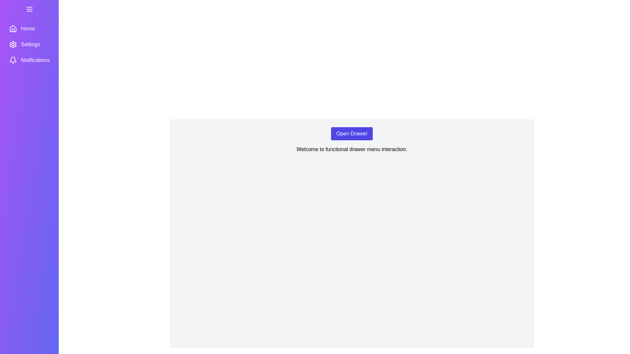 Image resolution: width=630 pixels, height=354 pixels. What do you see at coordinates (29, 9) in the screenshot?
I see `menu icon button at the top-left corner to toggle the drawer's visibility` at bounding box center [29, 9].